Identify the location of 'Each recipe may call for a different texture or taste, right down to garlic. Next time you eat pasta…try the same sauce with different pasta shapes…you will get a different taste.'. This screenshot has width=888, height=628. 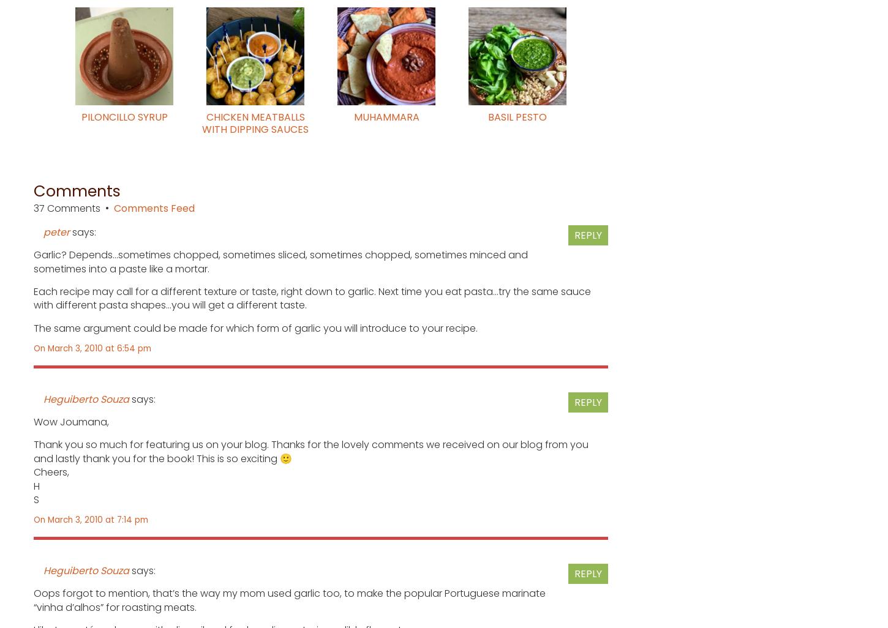
(312, 297).